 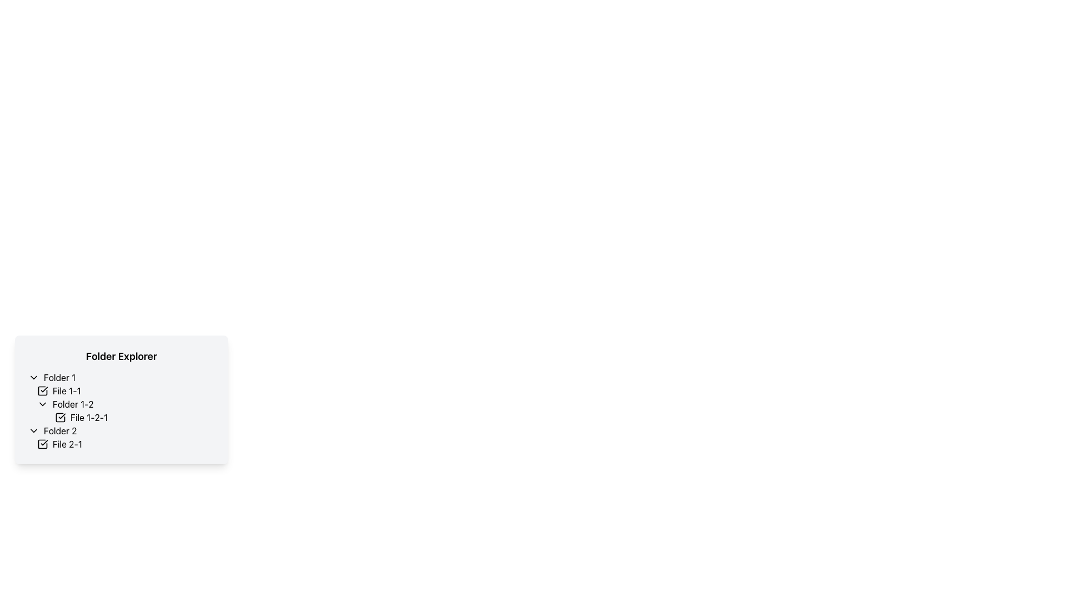 I want to click on the checkbox labeled 'File 2-1', so click(x=125, y=444).